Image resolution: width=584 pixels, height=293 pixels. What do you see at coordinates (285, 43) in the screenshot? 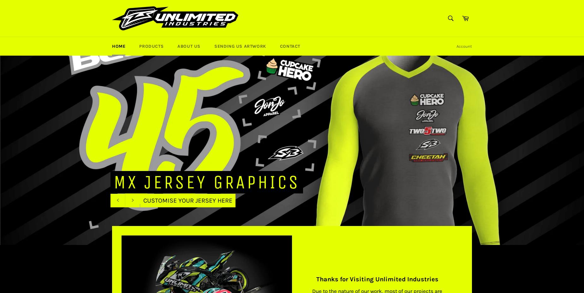
I see `'View cart and check out'` at bounding box center [285, 43].